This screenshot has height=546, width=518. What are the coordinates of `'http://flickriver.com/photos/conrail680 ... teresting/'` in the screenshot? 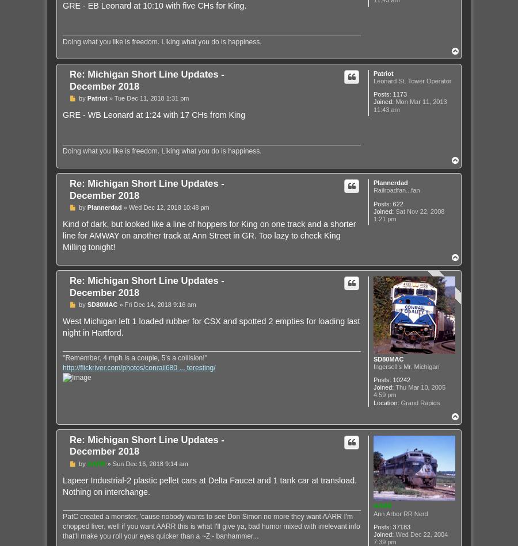 It's located at (138, 367).